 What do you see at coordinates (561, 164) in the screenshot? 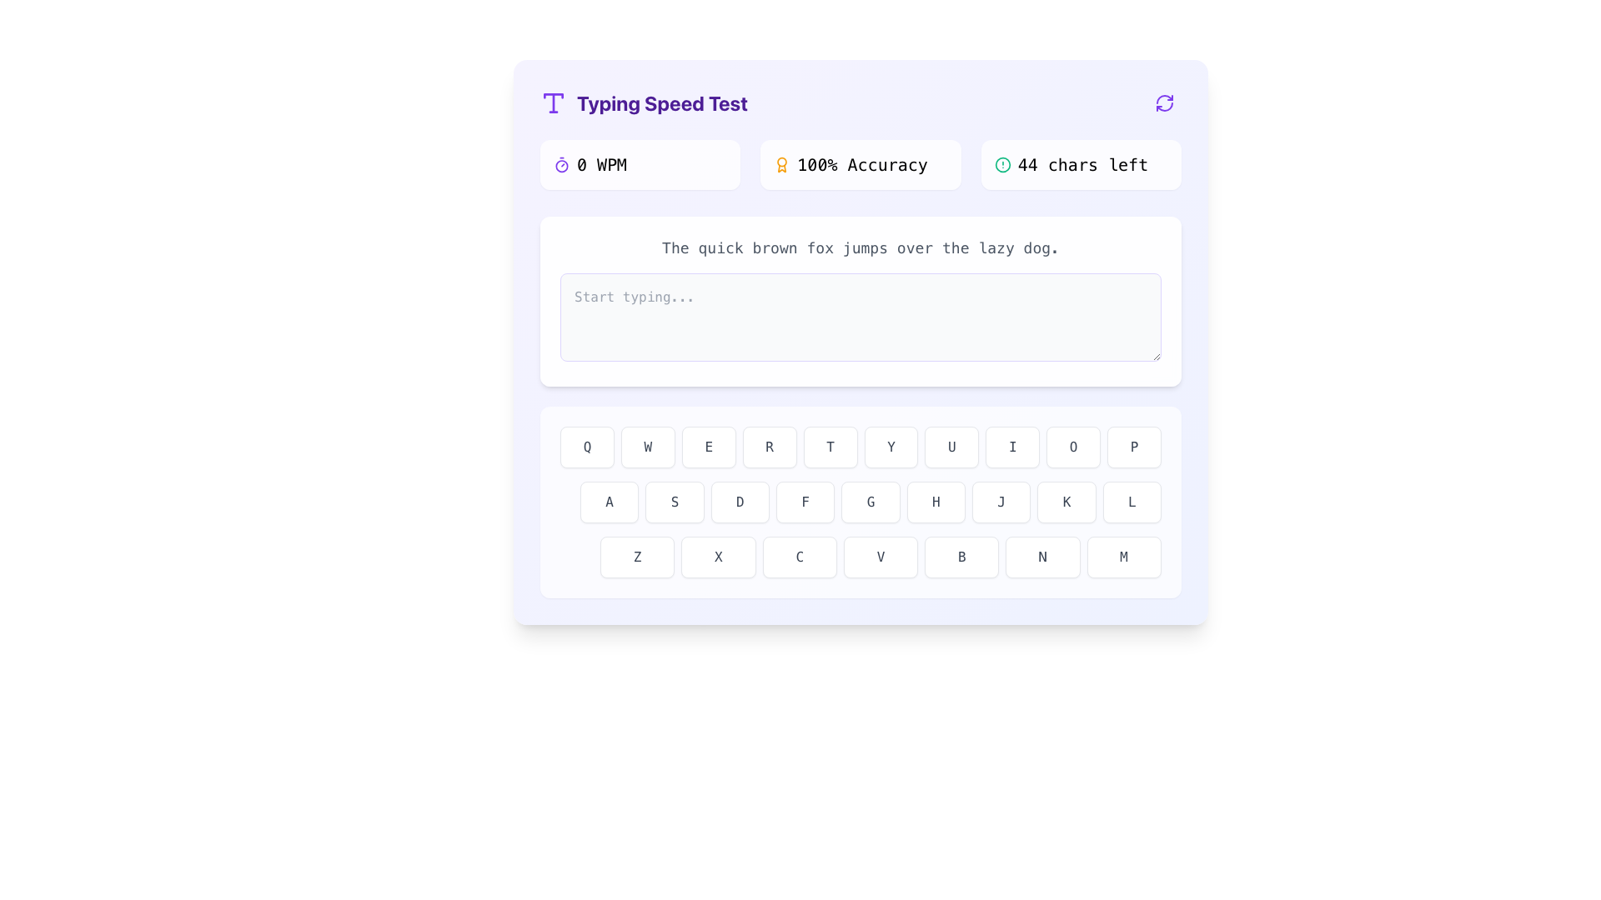
I see `the timer icon representing the WPM measurement functionality, located at the left end of the group adjacent to the '0 WPM' label` at bounding box center [561, 164].